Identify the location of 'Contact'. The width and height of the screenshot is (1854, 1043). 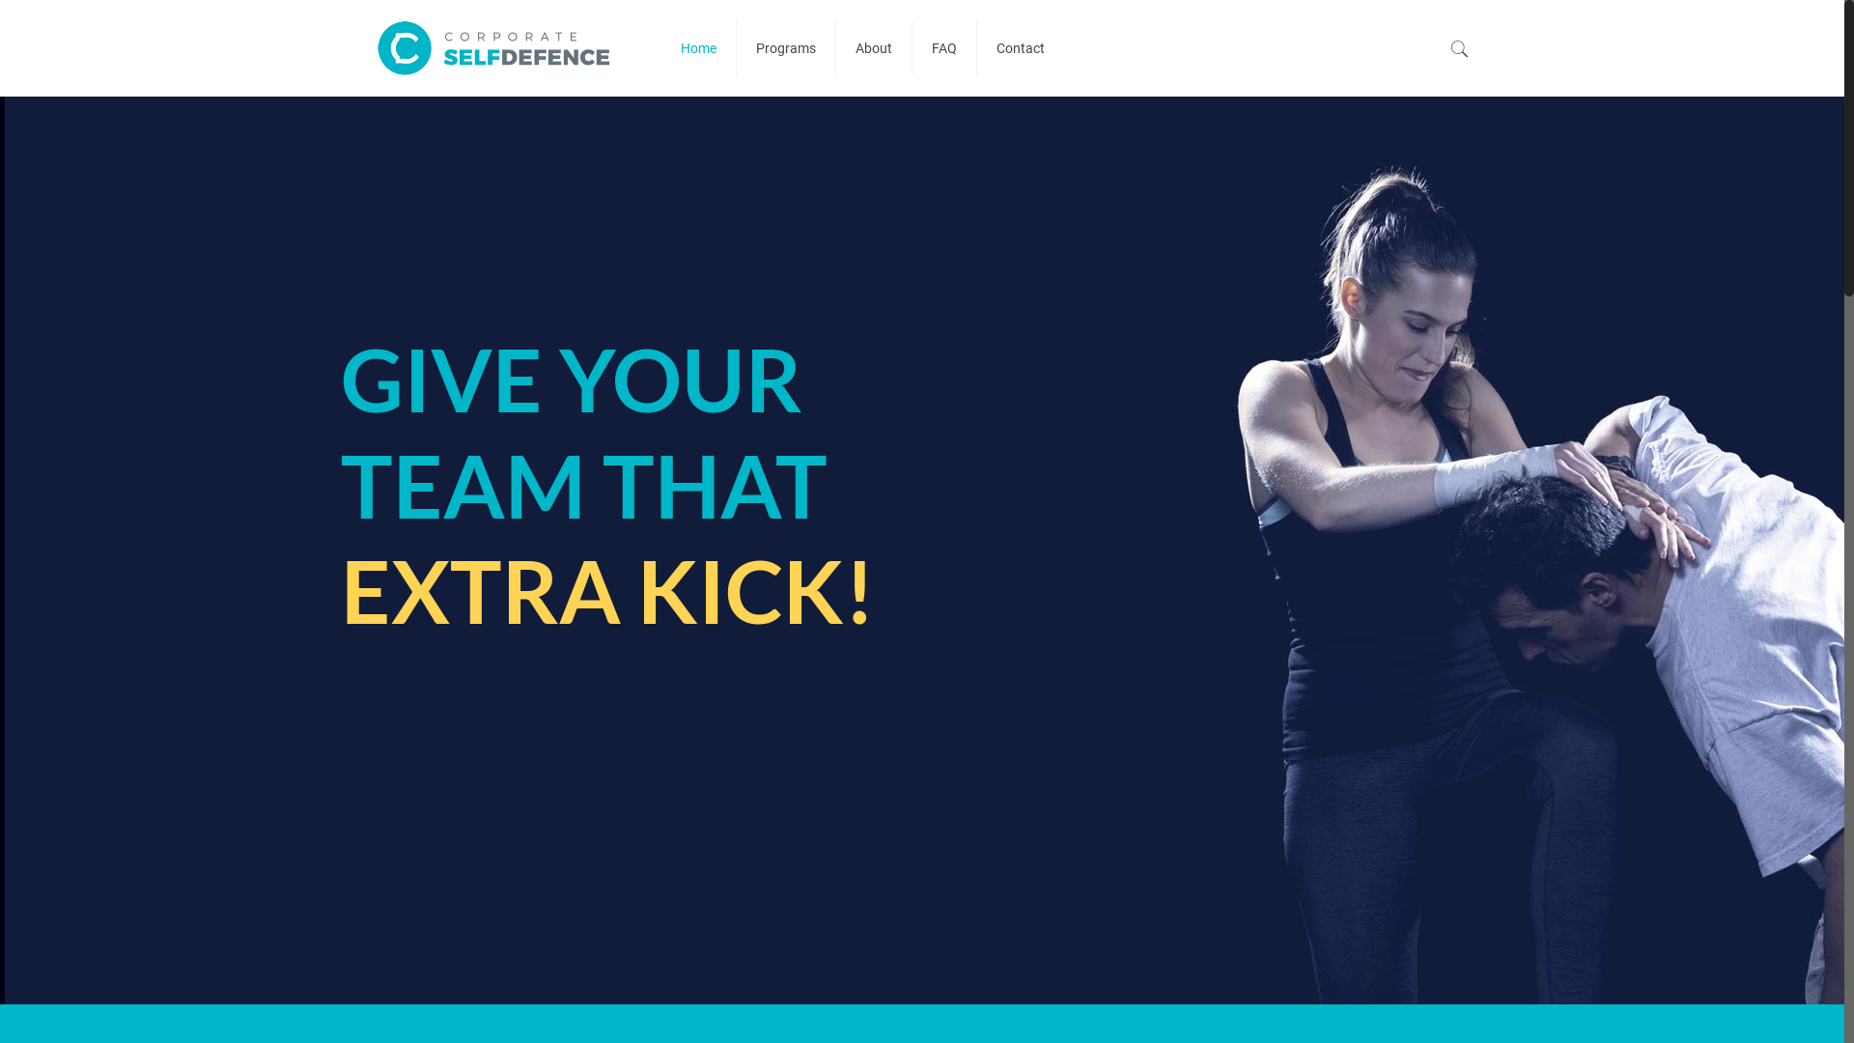
(1019, 47).